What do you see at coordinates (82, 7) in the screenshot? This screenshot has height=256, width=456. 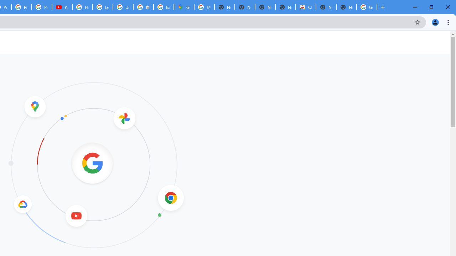 I see `'How Chrome protects your passwords - Google Chrome Help'` at bounding box center [82, 7].